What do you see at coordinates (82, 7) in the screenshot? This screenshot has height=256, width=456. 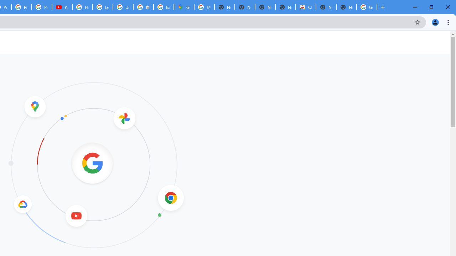 I see `'How Chrome protects your passwords - Google Chrome Help'` at bounding box center [82, 7].